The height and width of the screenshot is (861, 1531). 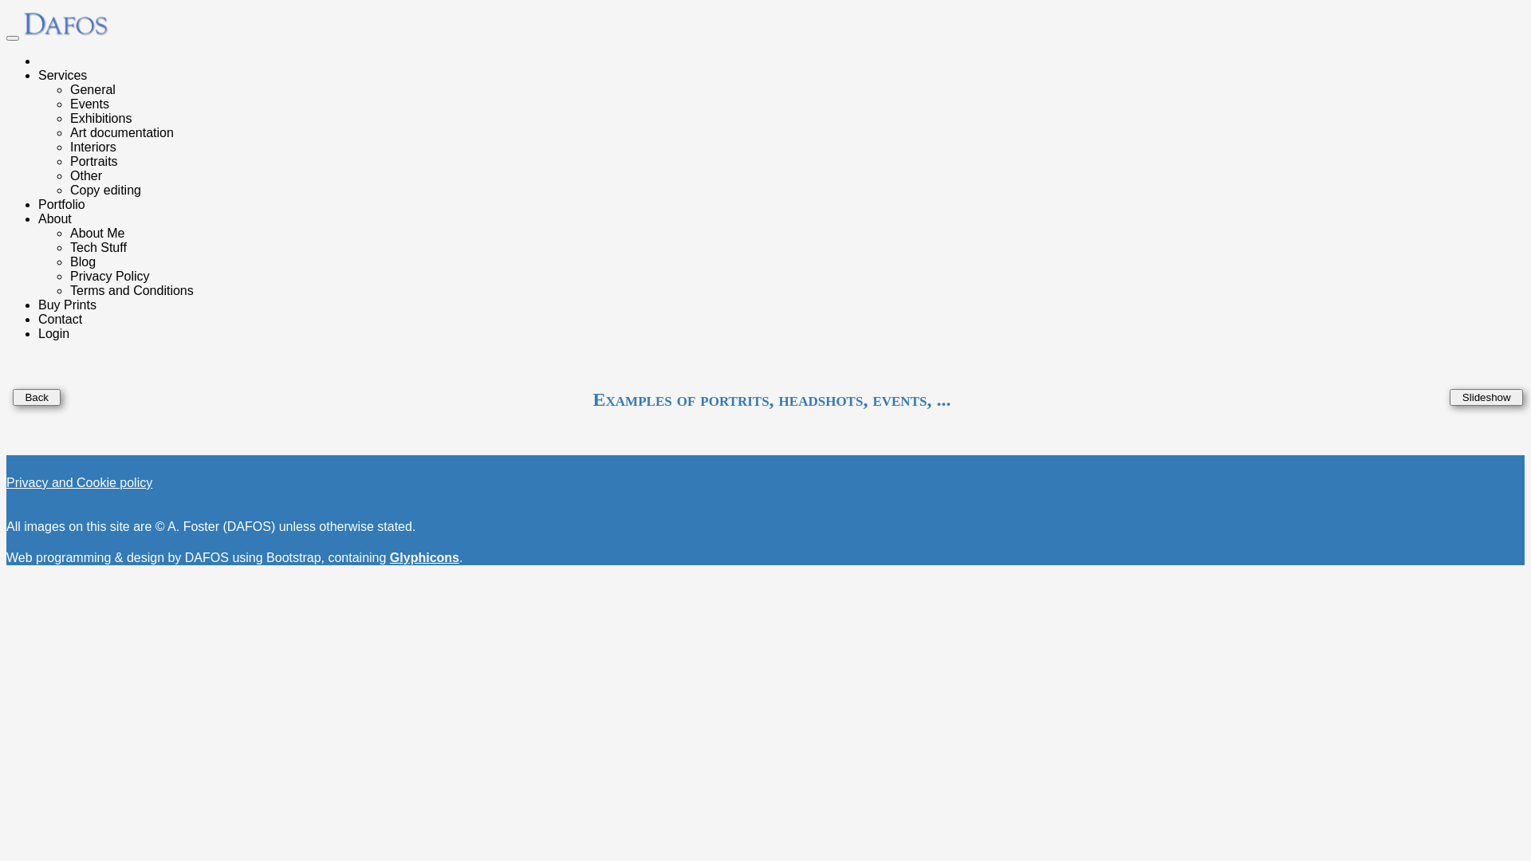 What do you see at coordinates (62, 75) in the screenshot?
I see `'Services'` at bounding box center [62, 75].